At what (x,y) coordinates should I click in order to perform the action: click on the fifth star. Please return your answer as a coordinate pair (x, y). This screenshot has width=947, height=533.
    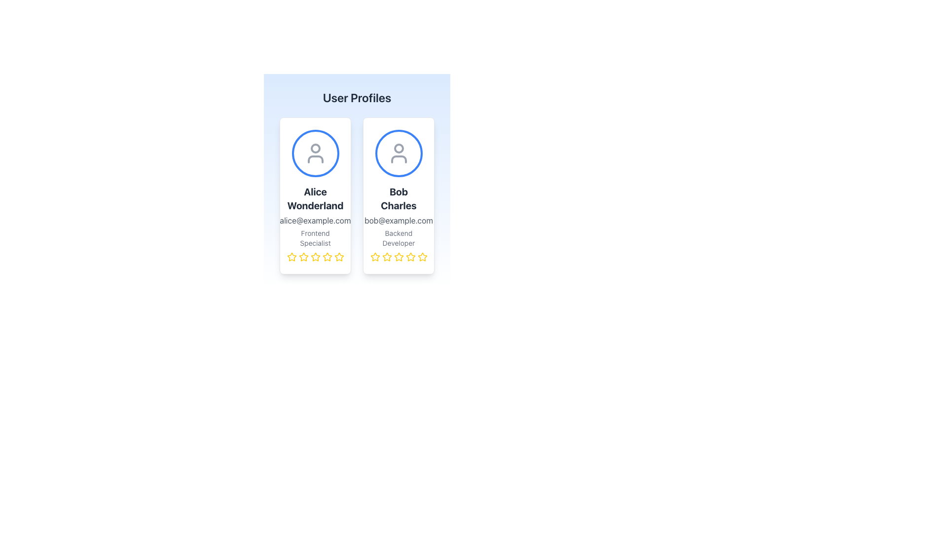
    Looking at the image, I should click on (422, 256).